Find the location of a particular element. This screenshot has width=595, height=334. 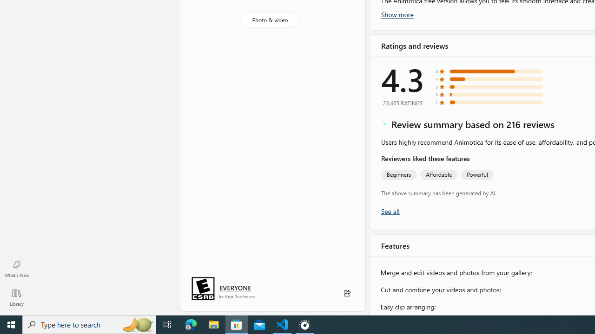

'Age rating: EVERYONE. Click for more information.' is located at coordinates (235, 287).